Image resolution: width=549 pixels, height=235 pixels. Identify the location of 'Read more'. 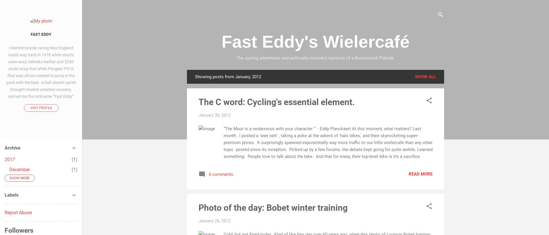
(420, 174).